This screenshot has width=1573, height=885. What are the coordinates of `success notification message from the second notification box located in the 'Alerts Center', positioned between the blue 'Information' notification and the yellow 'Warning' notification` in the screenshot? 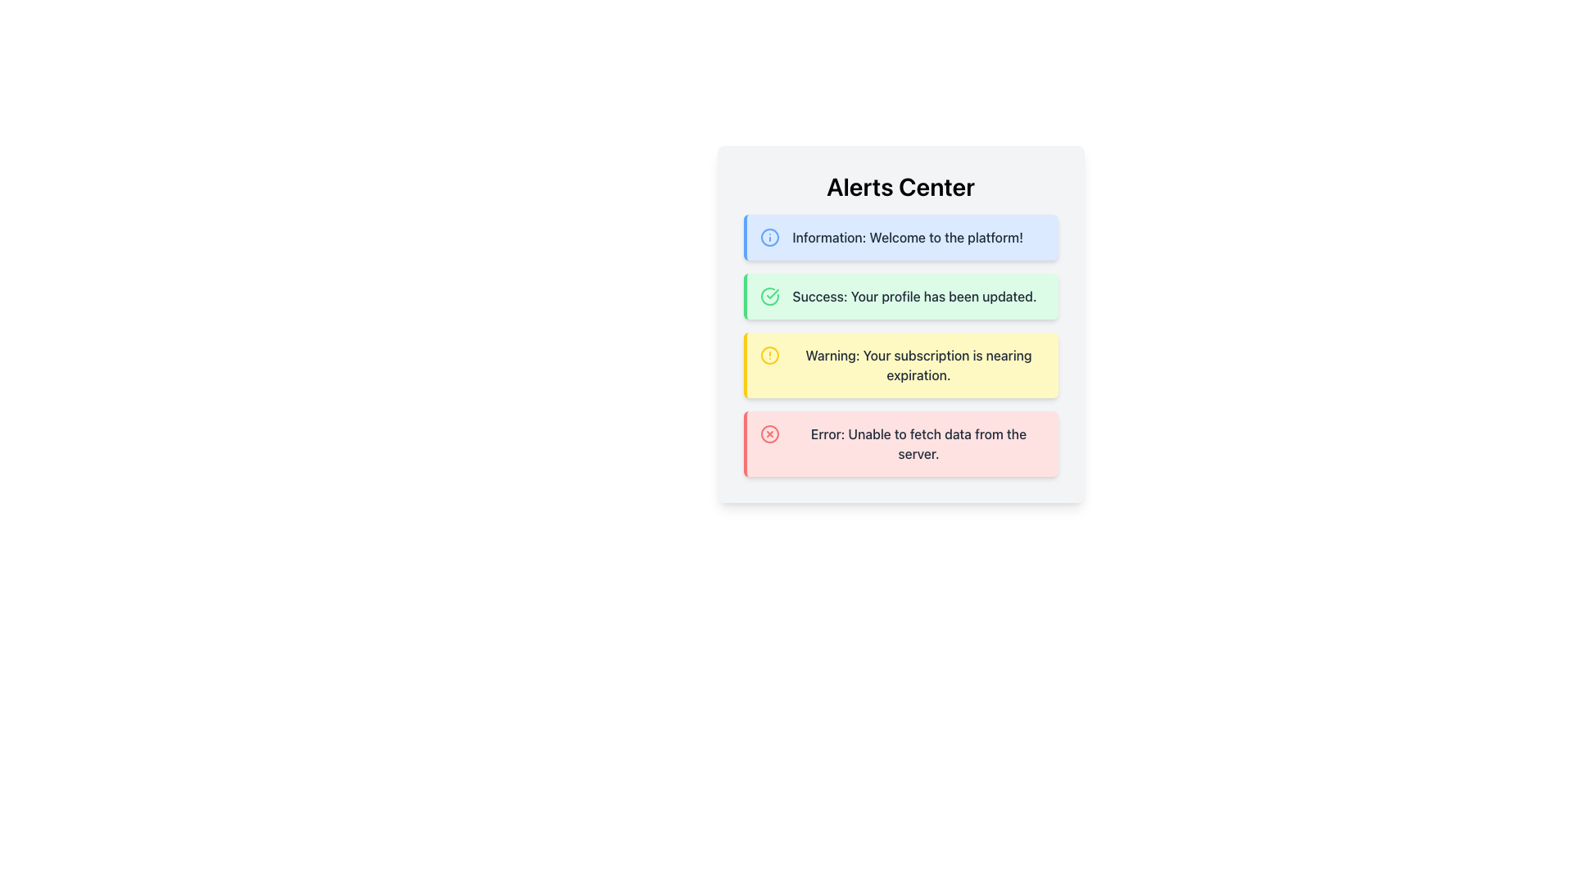 It's located at (900, 297).